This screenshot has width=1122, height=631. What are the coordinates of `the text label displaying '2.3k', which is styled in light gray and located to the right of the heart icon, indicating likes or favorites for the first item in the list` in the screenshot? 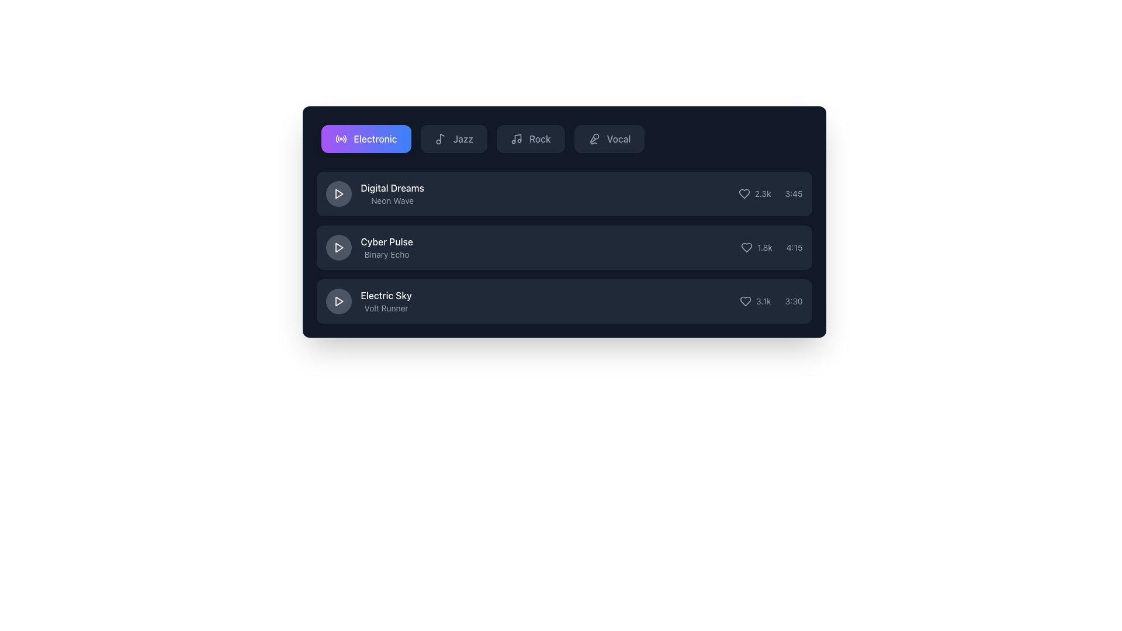 It's located at (763, 193).